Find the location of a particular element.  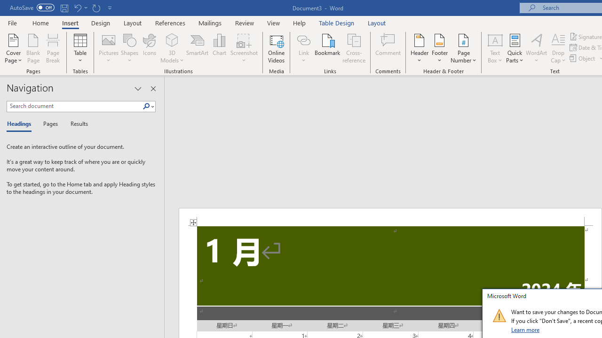

'SmartArt...' is located at coordinates (197, 48).